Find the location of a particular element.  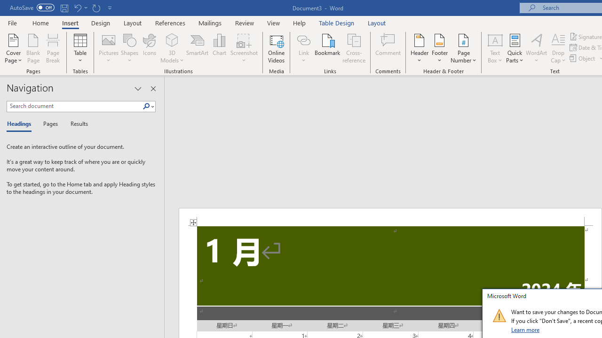

'SmartArt...' is located at coordinates (197, 48).